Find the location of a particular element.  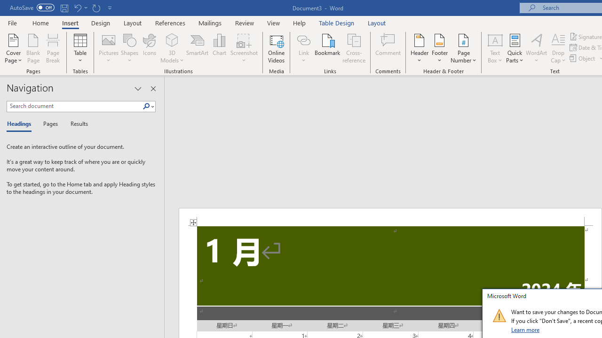

'SmartArt...' is located at coordinates (197, 48).